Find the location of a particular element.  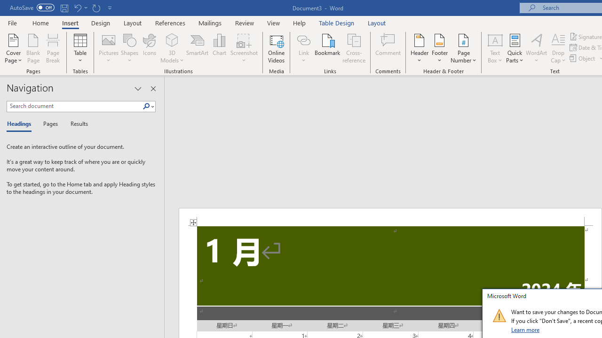

'SmartArt...' is located at coordinates (197, 48).